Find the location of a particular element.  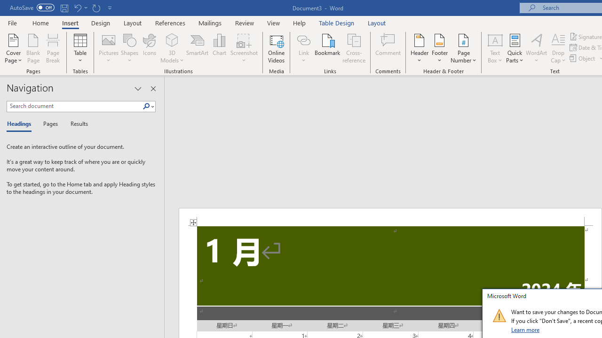

'SmartArt...' is located at coordinates (197, 48).